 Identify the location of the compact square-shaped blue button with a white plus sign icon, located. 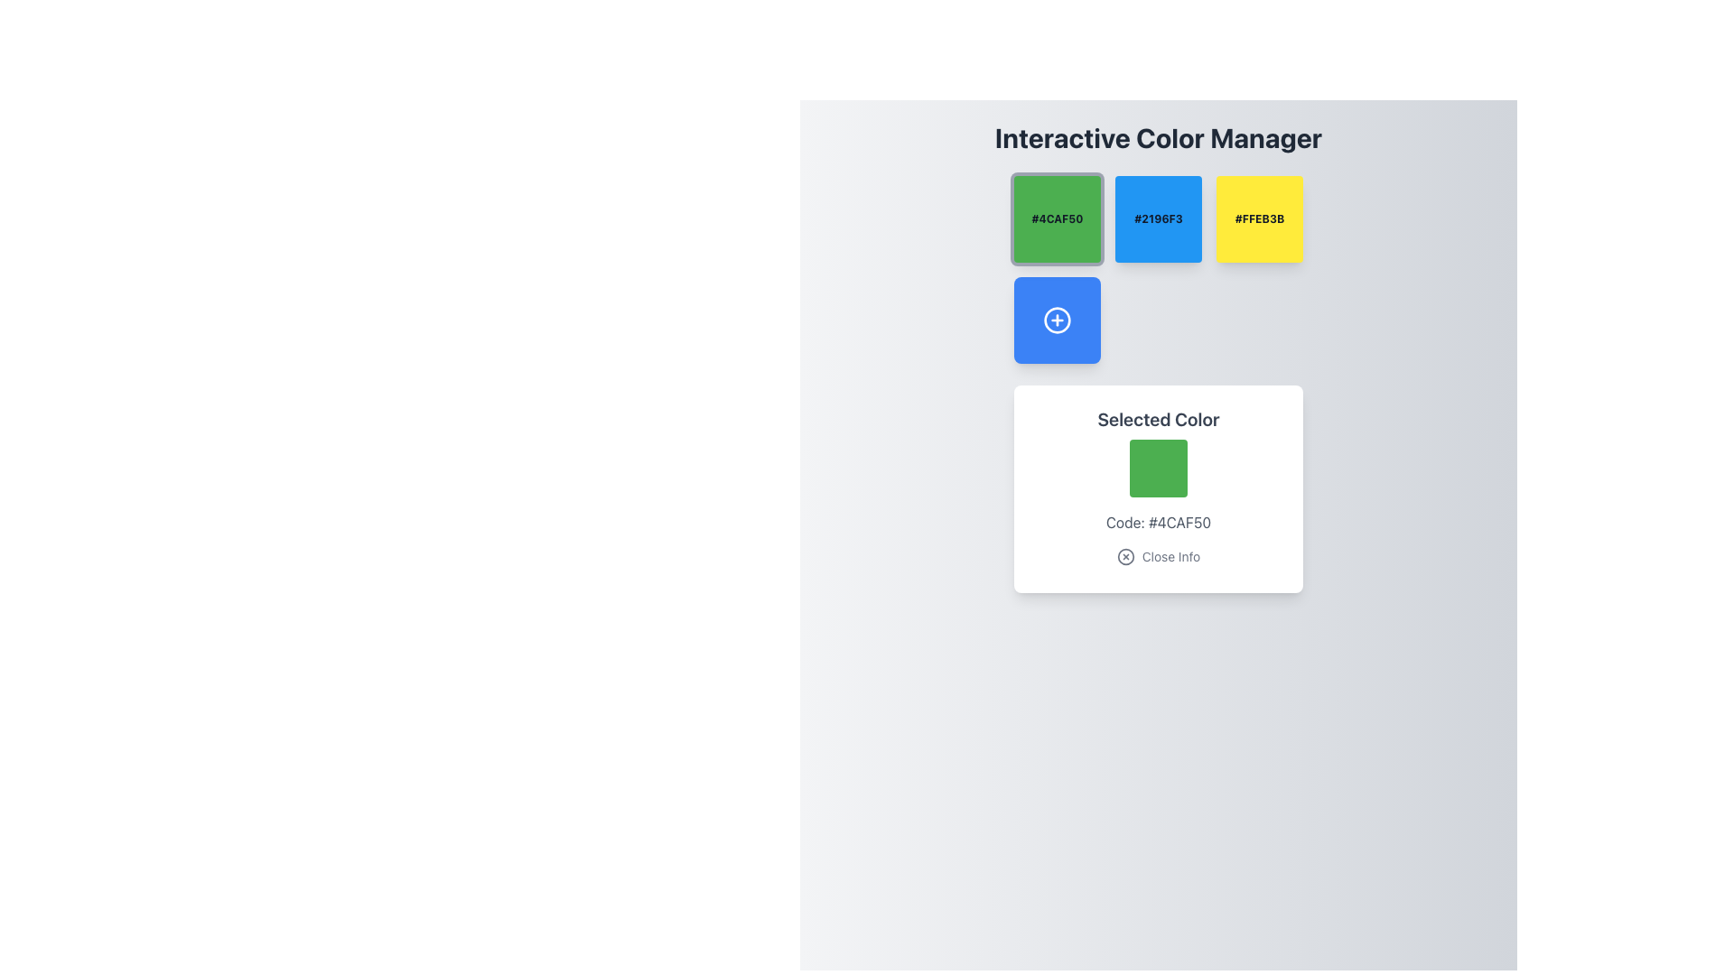
(1058, 319).